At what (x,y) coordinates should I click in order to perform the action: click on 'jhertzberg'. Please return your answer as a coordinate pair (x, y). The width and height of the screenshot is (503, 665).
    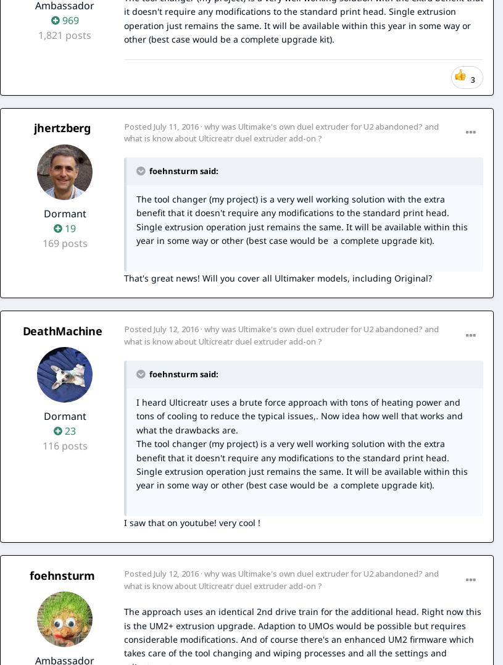
    Looking at the image, I should click on (33, 127).